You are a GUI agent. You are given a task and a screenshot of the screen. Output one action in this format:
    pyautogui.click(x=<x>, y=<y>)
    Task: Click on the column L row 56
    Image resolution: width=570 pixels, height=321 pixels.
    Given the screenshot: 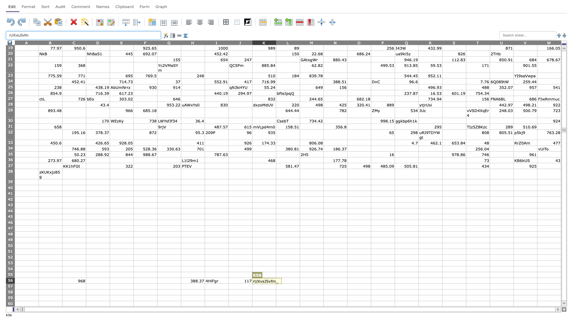 What is the action you would take?
    pyautogui.click(x=288, y=281)
    